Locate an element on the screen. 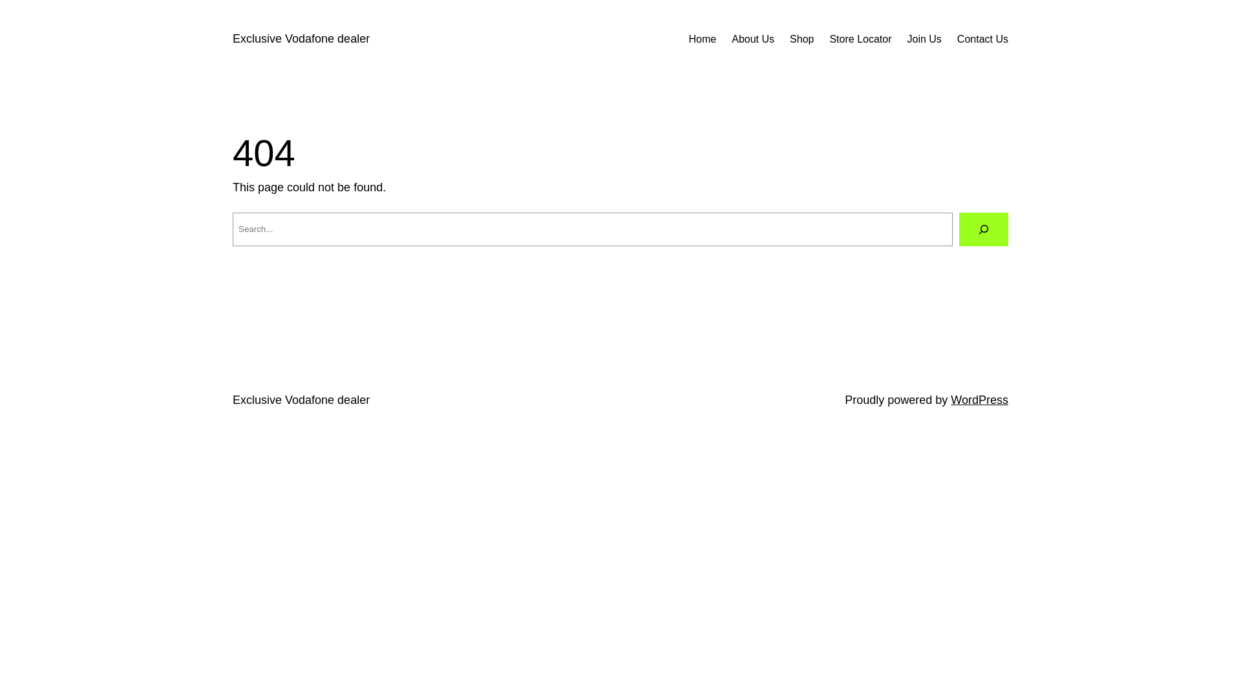  'Store Locator' is located at coordinates (829, 39).